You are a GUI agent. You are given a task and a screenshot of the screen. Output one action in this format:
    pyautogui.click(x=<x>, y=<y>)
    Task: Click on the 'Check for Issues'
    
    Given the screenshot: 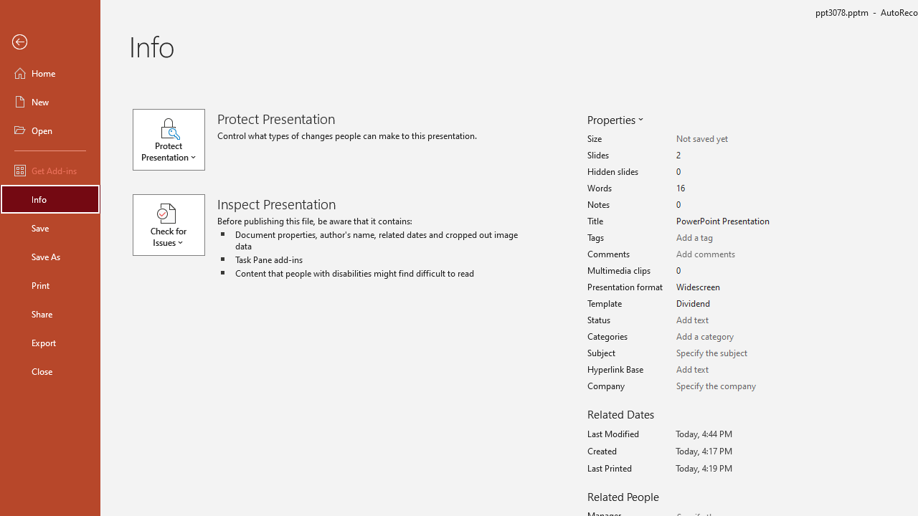 What is the action you would take?
    pyautogui.click(x=174, y=224)
    